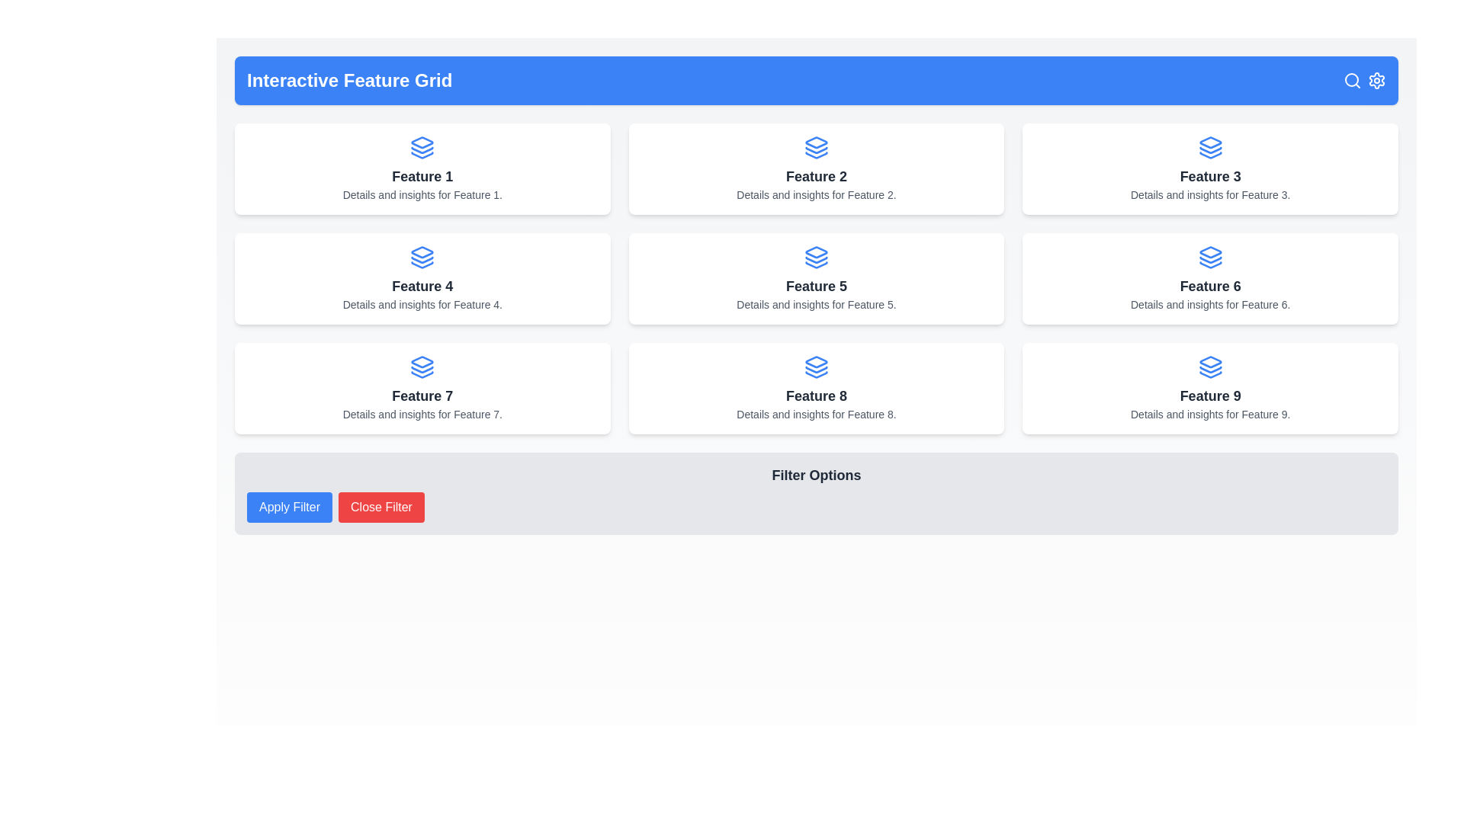 This screenshot has height=823, width=1464. I want to click on blue gradient triangular shape resembling a layer icon, which is part of Feature 4 in the second column of the second row of the feature grid, for development purposes, so click(422, 251).